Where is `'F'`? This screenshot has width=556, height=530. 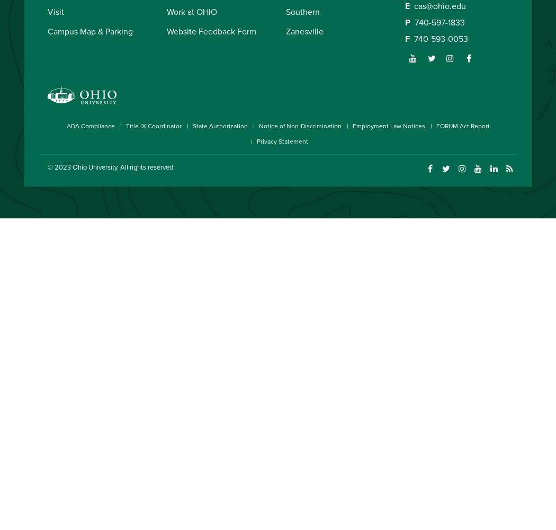
'F' is located at coordinates (407, 38).